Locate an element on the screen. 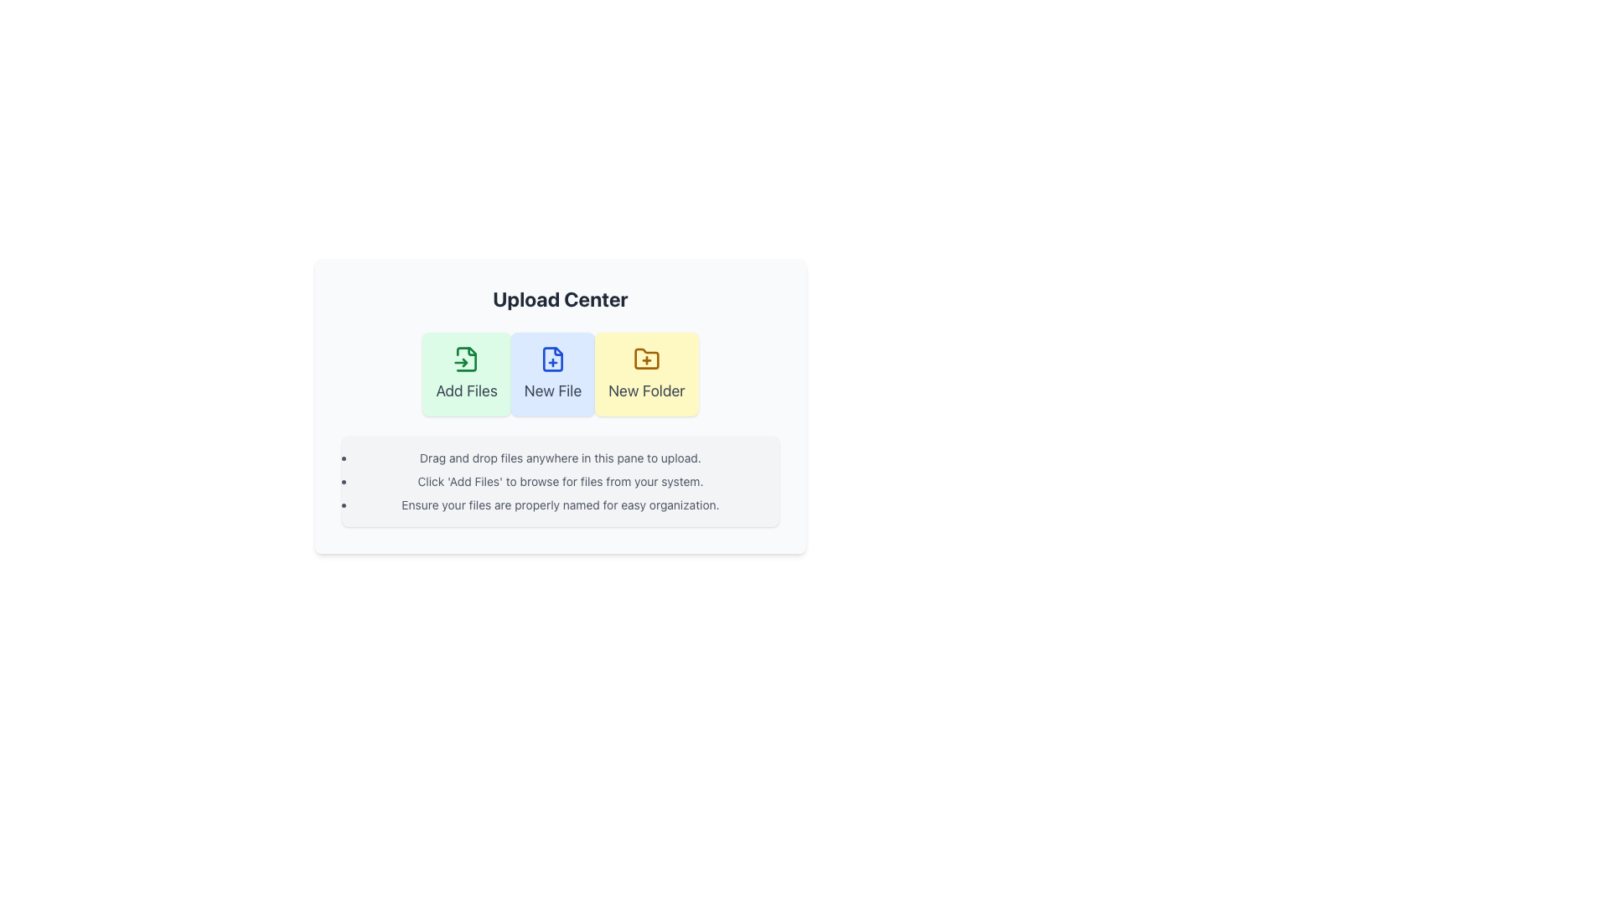  the 'Add Files' icon located within the 'Add Files' button group in the Upload Center is located at coordinates (466, 358).